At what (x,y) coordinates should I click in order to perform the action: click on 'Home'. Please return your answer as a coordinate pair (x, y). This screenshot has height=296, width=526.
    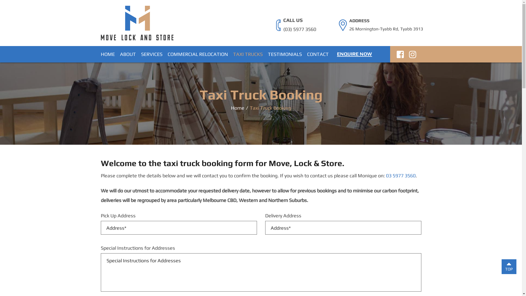
    Looking at the image, I should click on (238, 107).